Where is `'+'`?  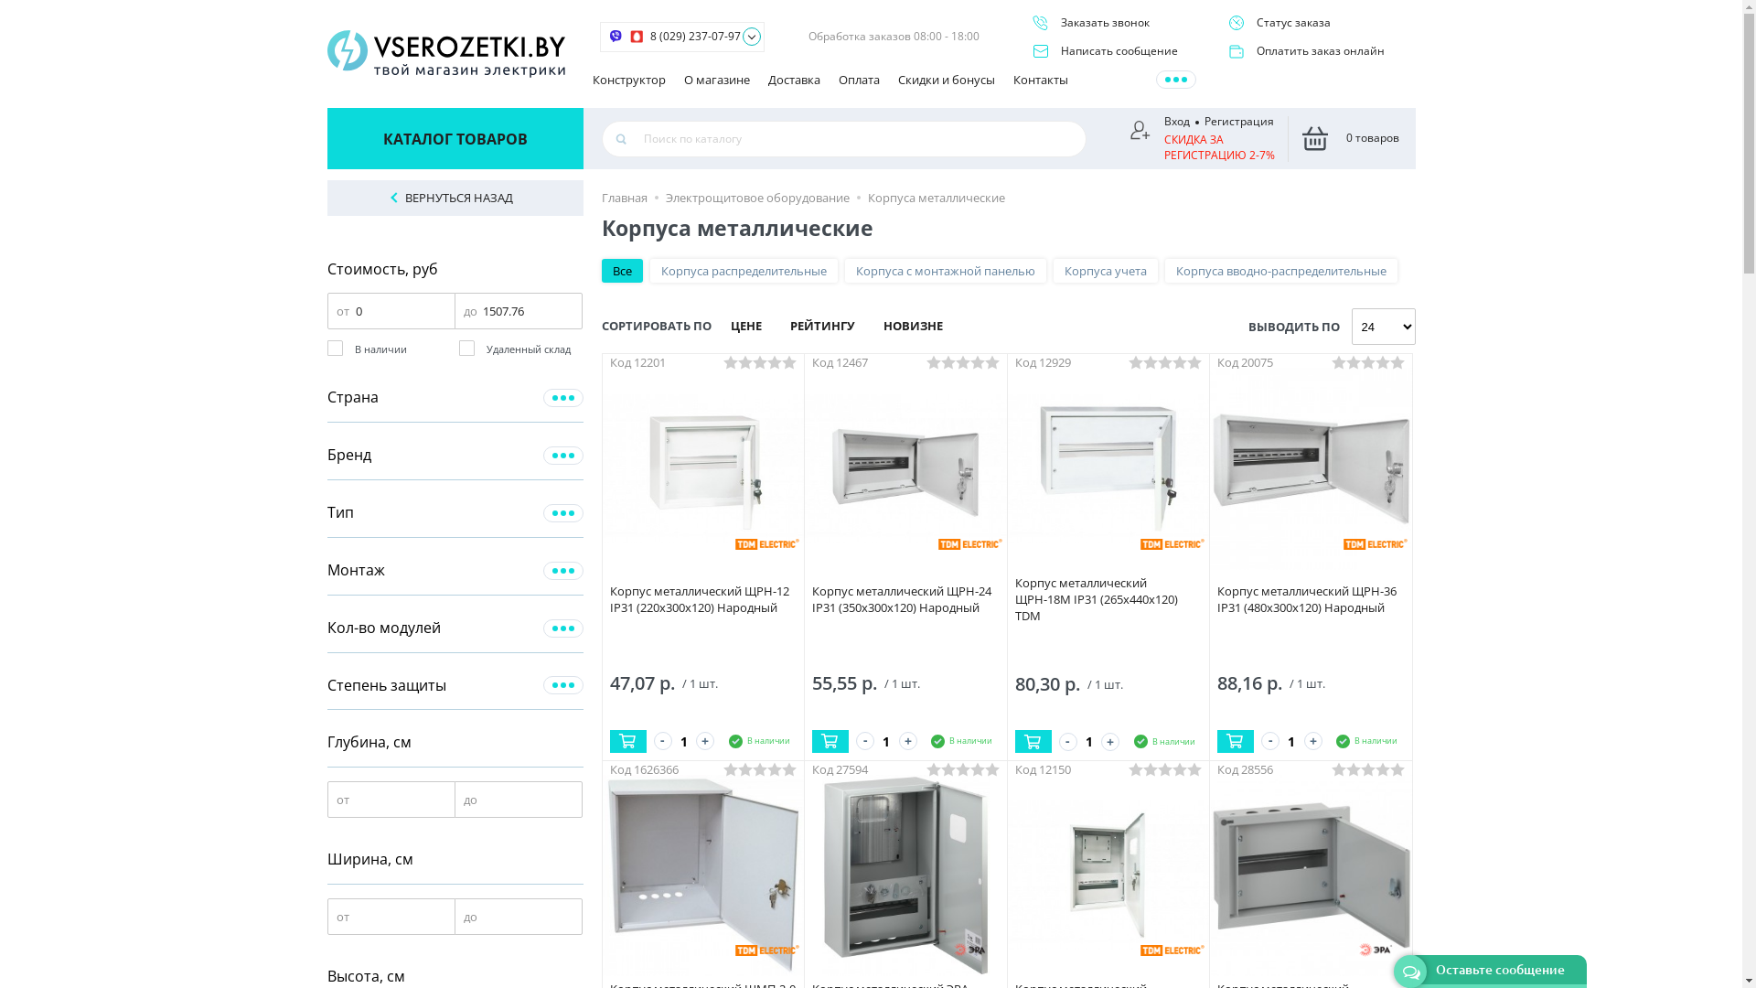 '+' is located at coordinates (907, 741).